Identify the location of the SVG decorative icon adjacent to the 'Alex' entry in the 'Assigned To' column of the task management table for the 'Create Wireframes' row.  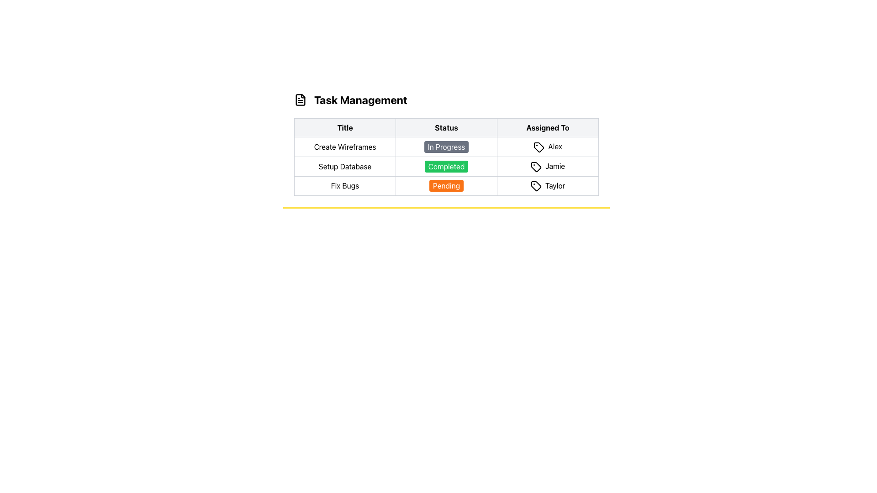
(539, 147).